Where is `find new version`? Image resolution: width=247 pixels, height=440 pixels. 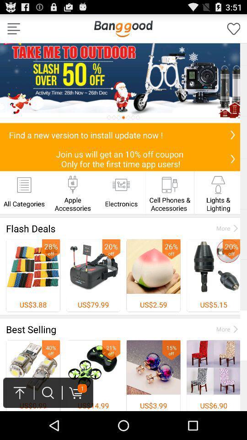
find new version is located at coordinates (232, 134).